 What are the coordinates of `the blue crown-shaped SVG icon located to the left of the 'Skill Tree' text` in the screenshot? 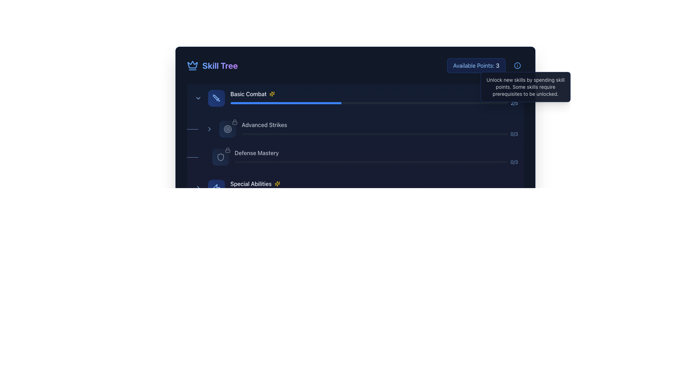 It's located at (192, 65).